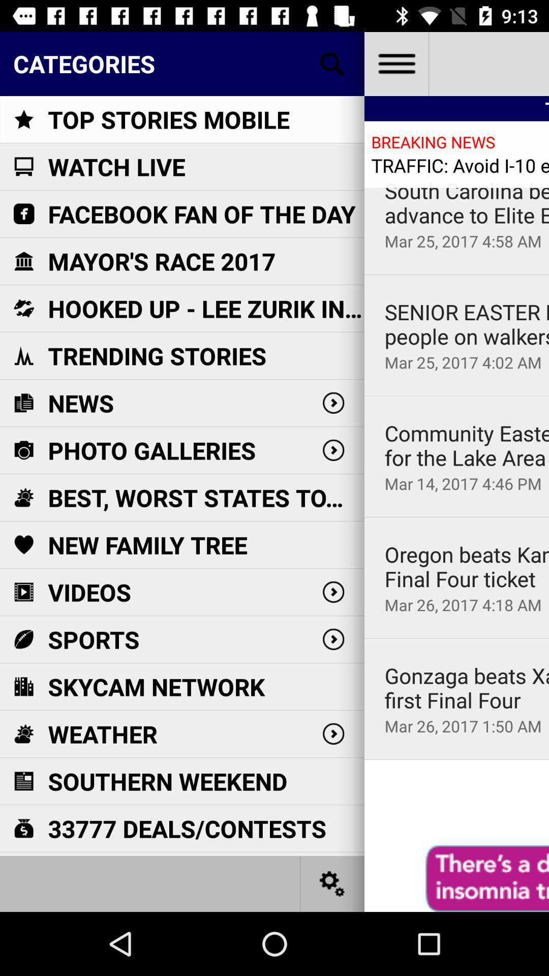 The image size is (549, 976). What do you see at coordinates (332, 63) in the screenshot?
I see `the search icon` at bounding box center [332, 63].